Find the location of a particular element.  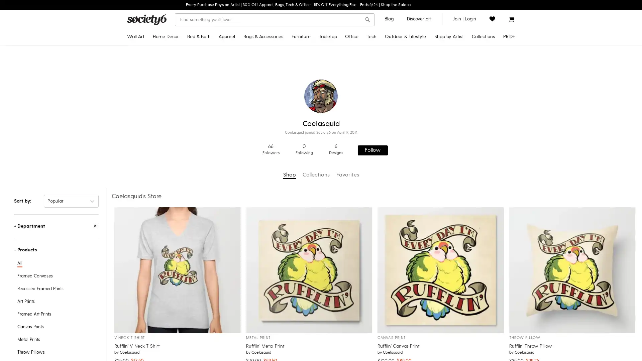

Water Bottles is located at coordinates (340, 118).